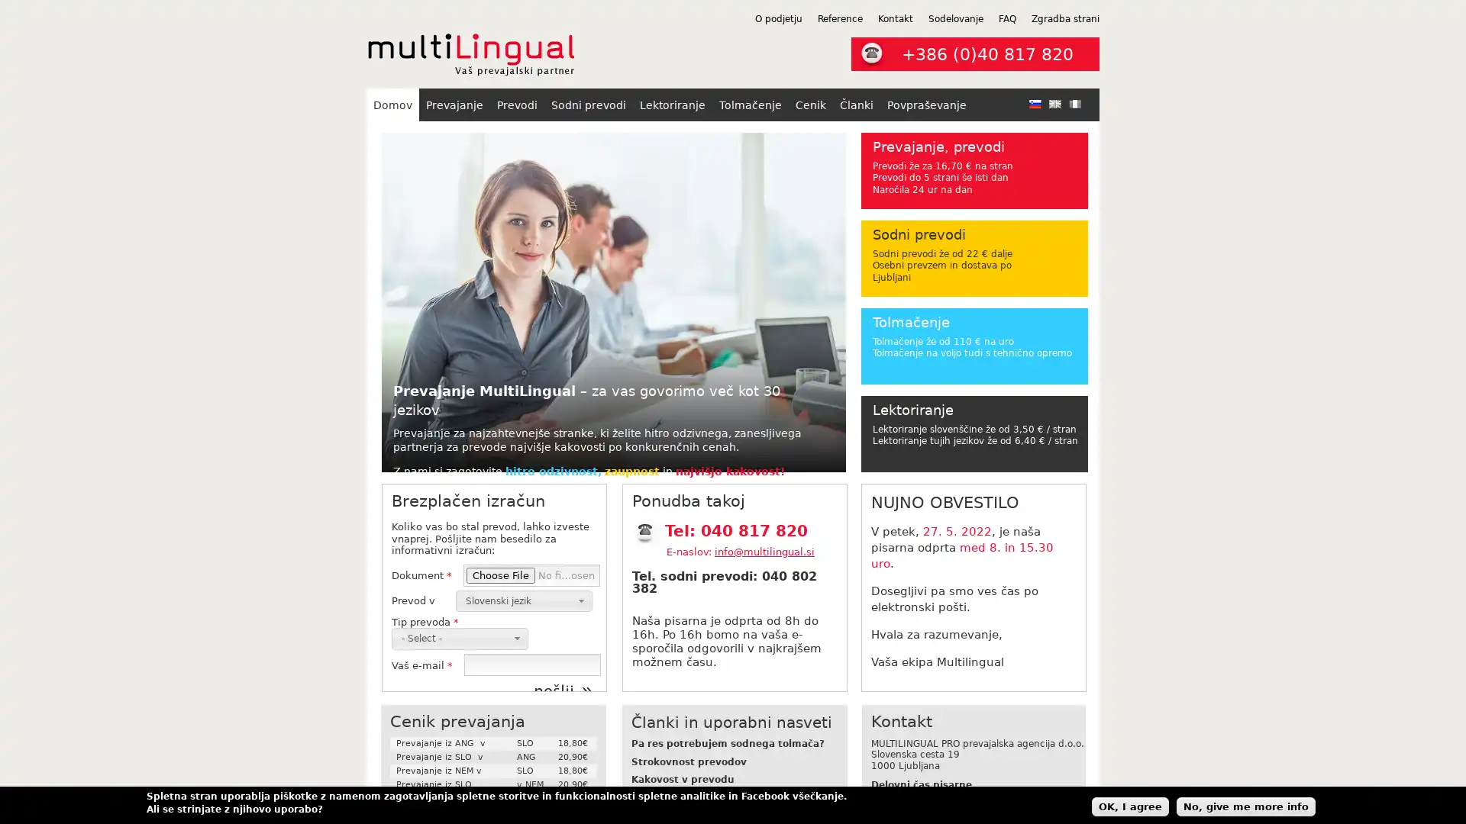 The height and width of the screenshot is (824, 1466). Describe the element at coordinates (1130, 805) in the screenshot. I see `OK, I agree` at that location.